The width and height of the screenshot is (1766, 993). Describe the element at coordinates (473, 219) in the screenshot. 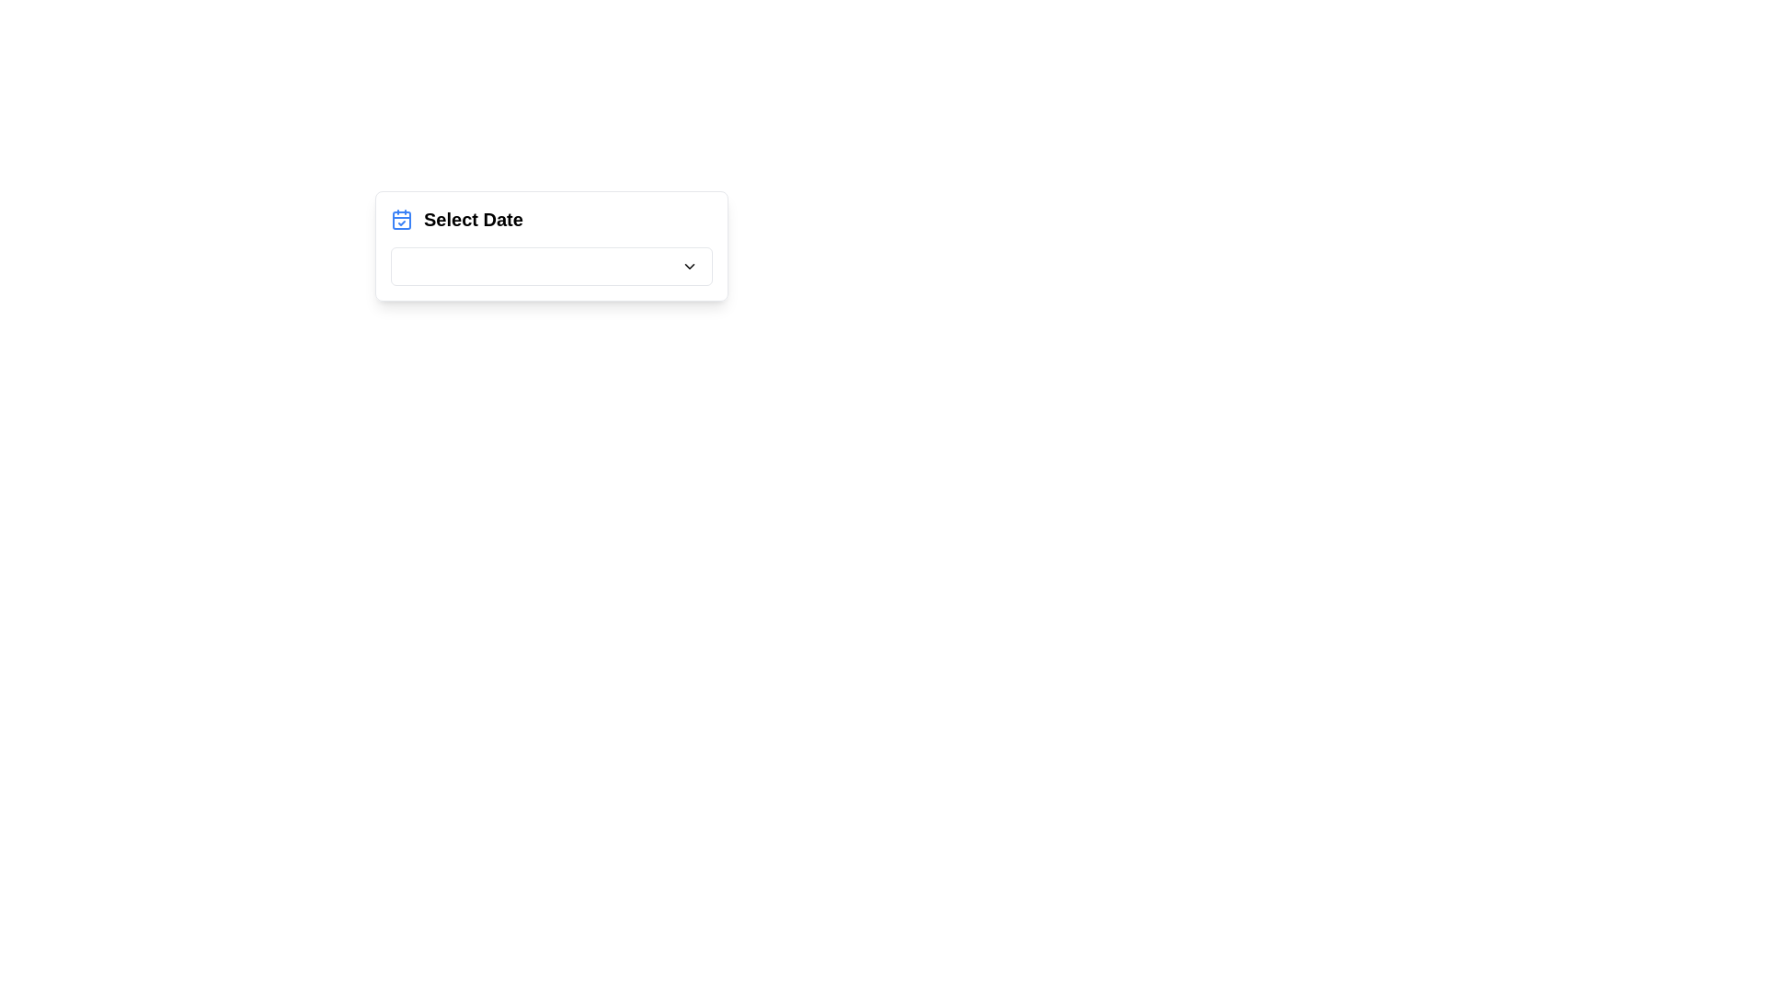

I see `the 'Select Date' text label, which is styled with a bold and large font in black color, located within a horizontal group of items` at that location.